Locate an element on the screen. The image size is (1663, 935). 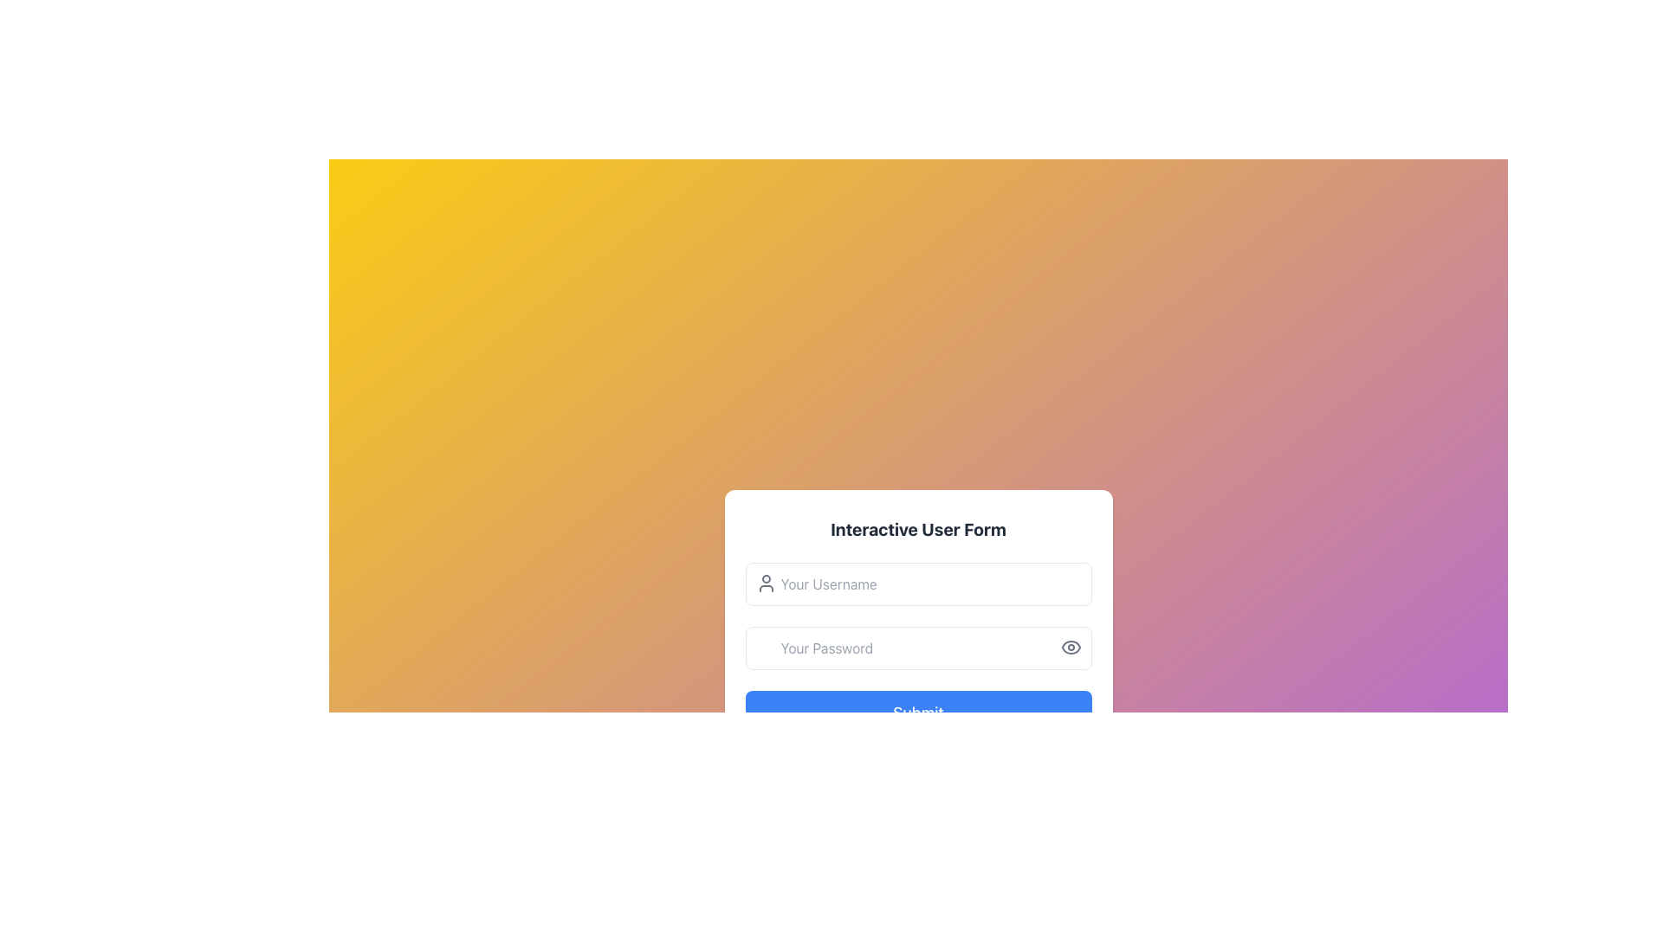
the Password input field located below the 'Your Username' field, allowing for secure password entry is located at coordinates (917, 648).